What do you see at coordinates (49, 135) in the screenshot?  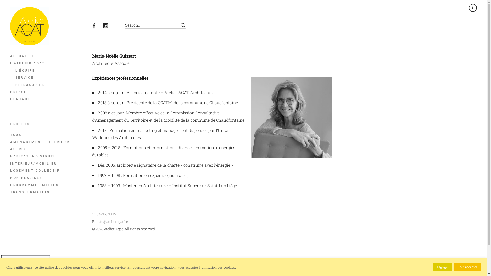 I see `'TOUS'` at bounding box center [49, 135].